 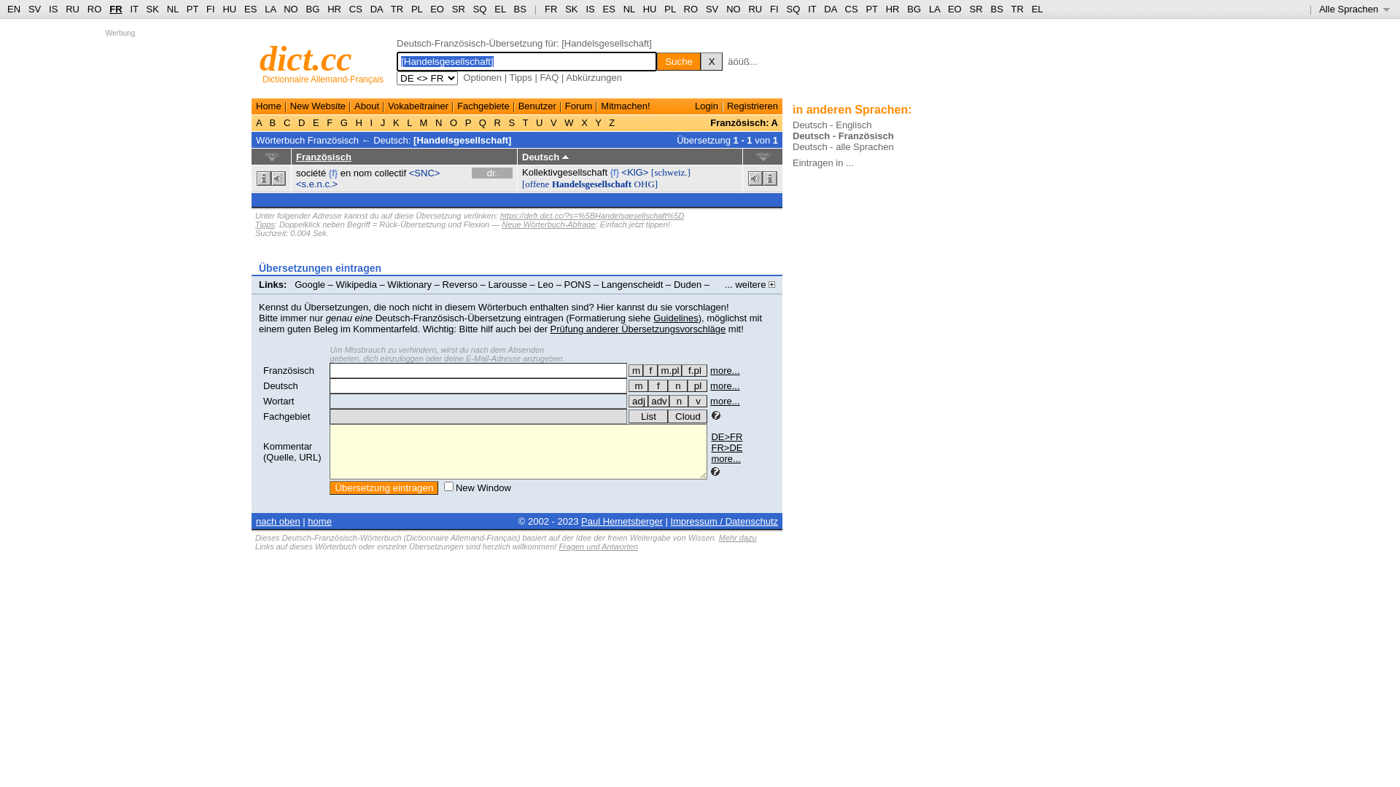 What do you see at coordinates (456, 105) in the screenshot?
I see `'Fachgebiete'` at bounding box center [456, 105].